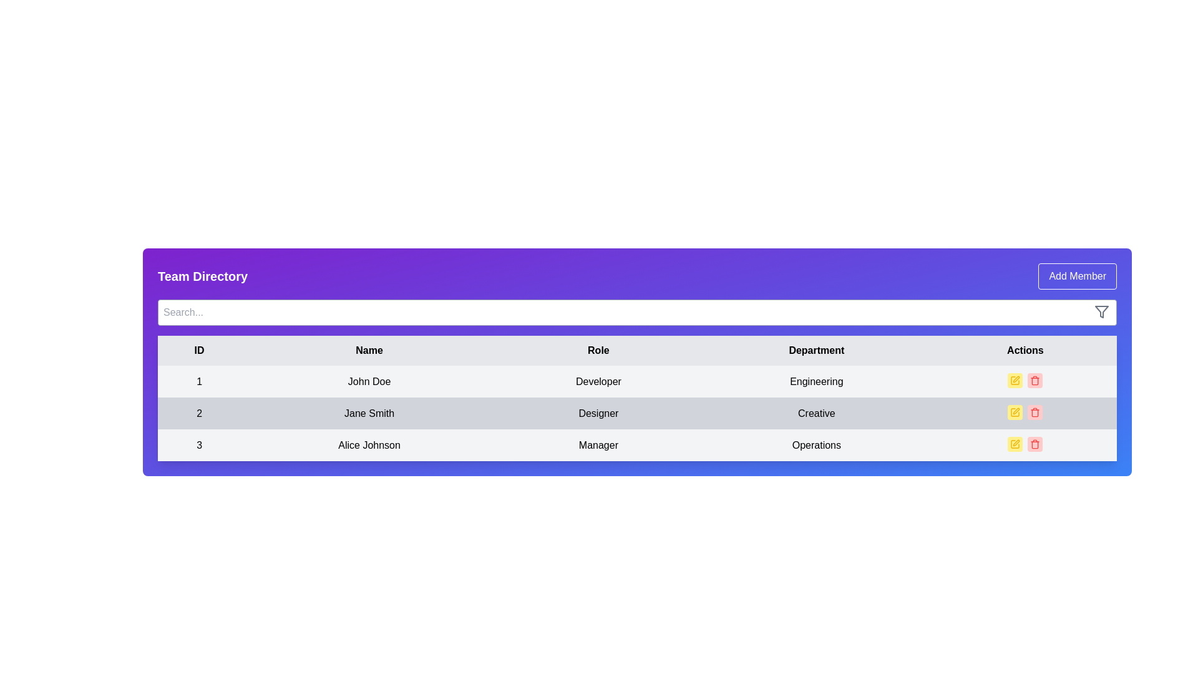 The width and height of the screenshot is (1198, 674). Describe the element at coordinates (1035, 412) in the screenshot. I see `the trash icon button in the actions column of the second row of the table, which is styled in red and resembles a trash can` at that location.